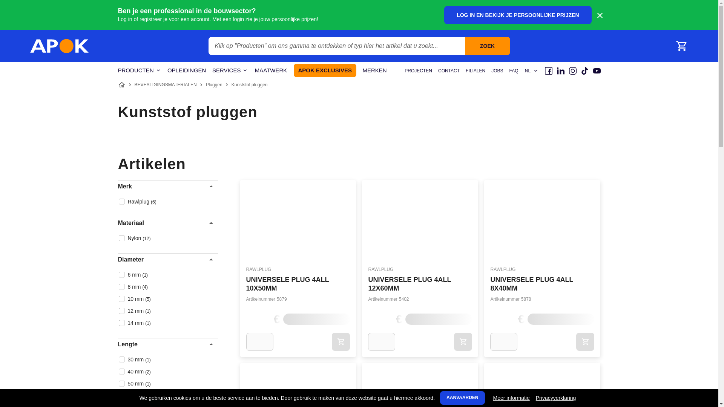 The height and width of the screenshot is (407, 724). Describe the element at coordinates (165, 84) in the screenshot. I see `'BEVESTIGINGSMATERIALEN'` at that location.